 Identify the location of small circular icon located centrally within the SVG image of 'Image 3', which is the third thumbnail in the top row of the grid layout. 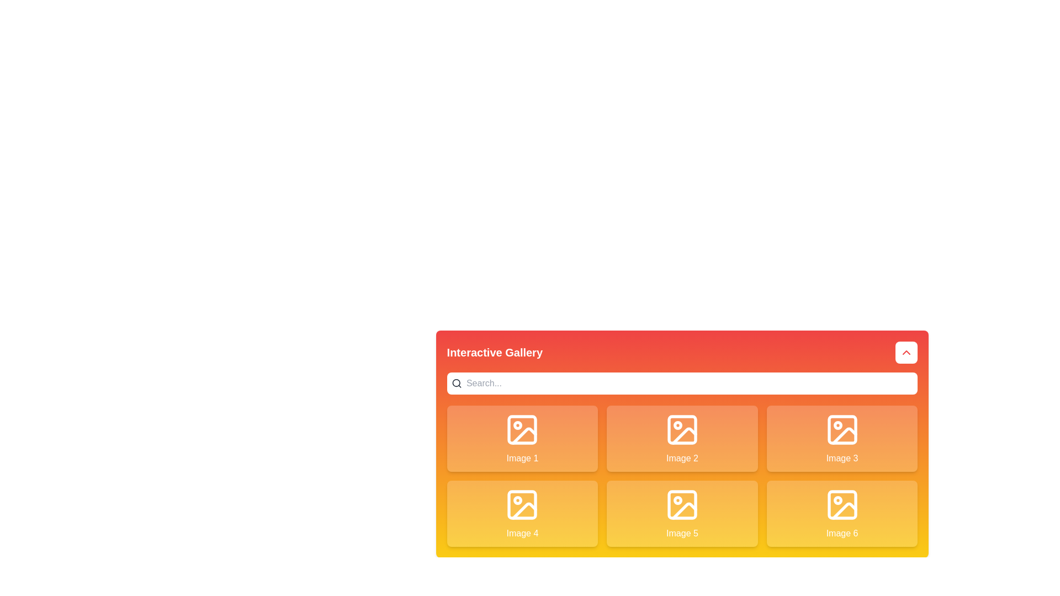
(838, 425).